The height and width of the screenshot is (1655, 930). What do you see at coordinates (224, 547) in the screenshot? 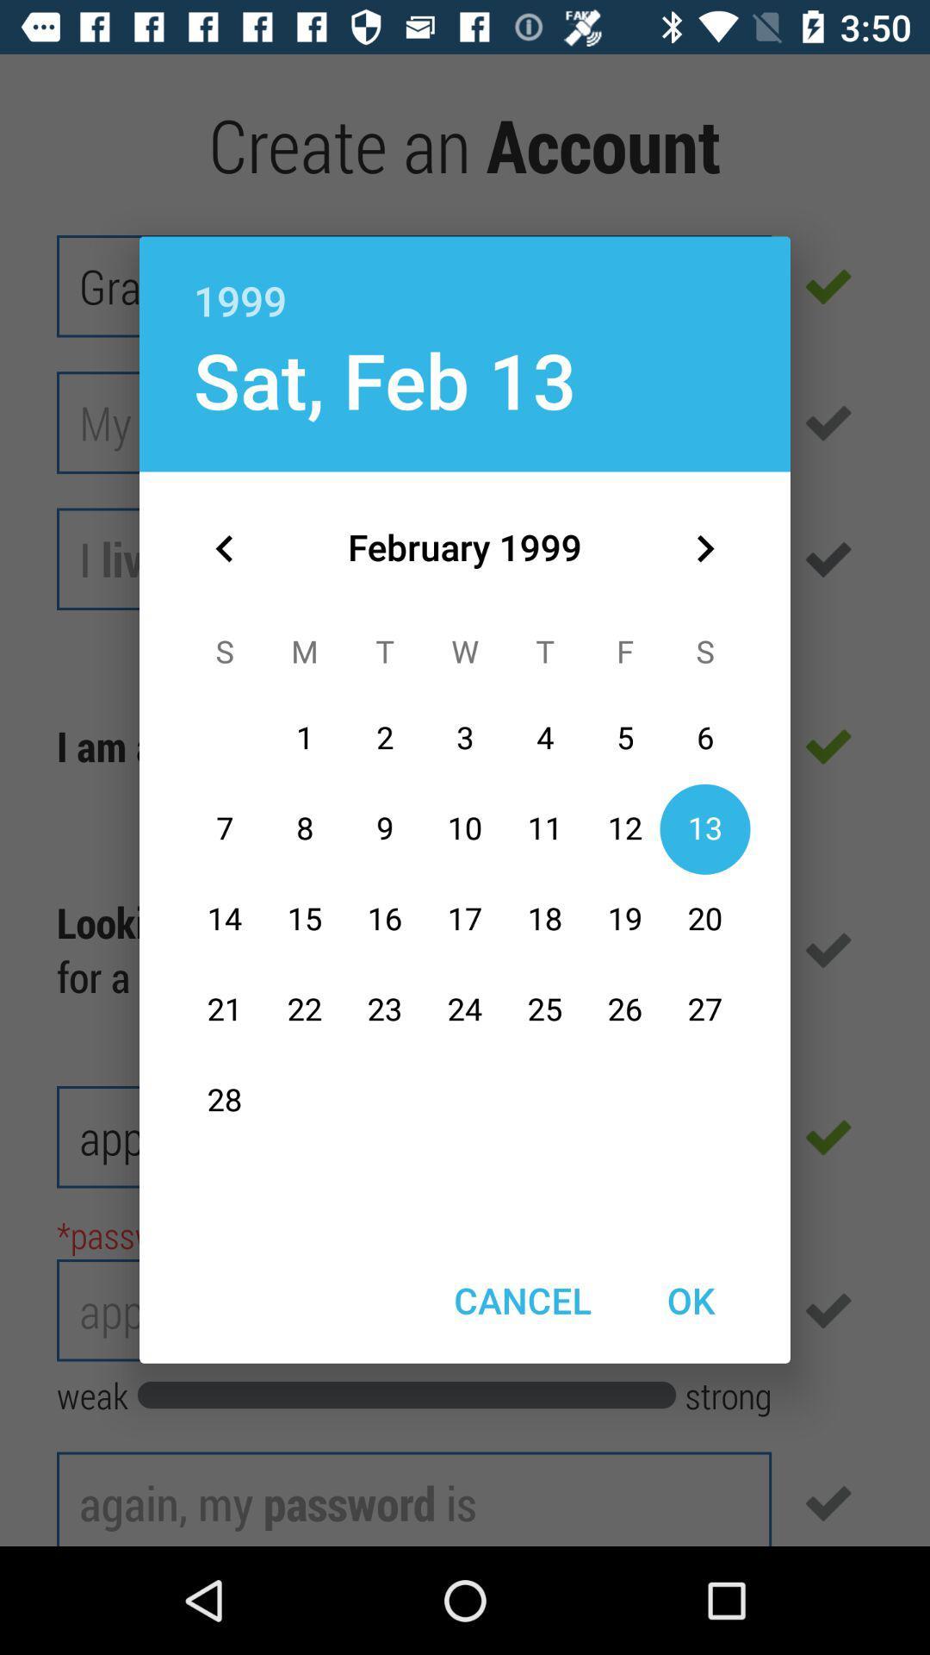
I see `icon at the top left corner` at bounding box center [224, 547].